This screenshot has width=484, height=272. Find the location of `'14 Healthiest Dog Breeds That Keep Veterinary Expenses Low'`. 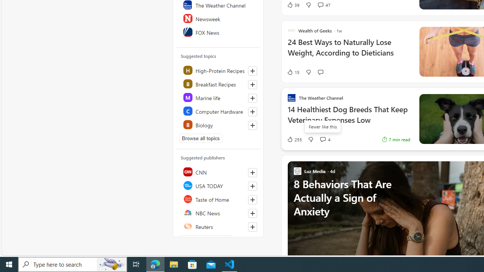

'14 Healthiest Dog Breeds That Keep Veterinary Expenses Low' is located at coordinates (348, 118).